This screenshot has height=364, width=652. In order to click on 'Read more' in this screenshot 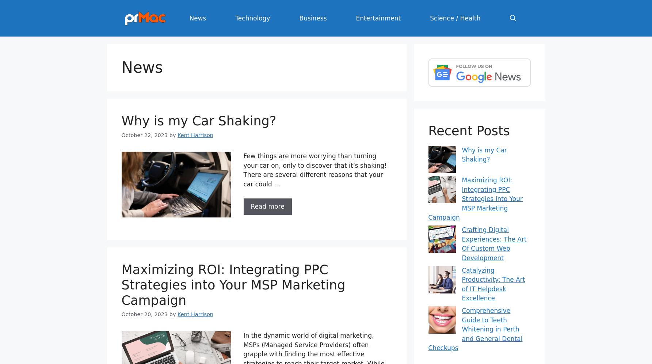, I will do `click(267, 206)`.